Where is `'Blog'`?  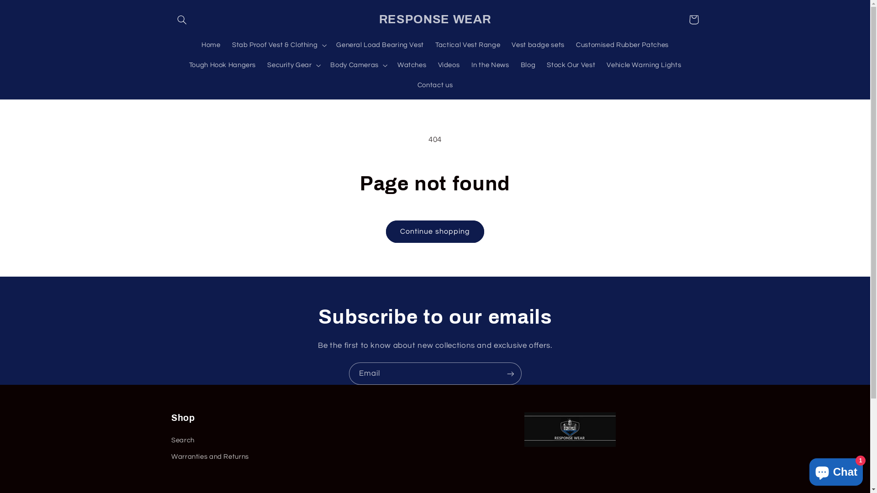
'Blog' is located at coordinates (528, 64).